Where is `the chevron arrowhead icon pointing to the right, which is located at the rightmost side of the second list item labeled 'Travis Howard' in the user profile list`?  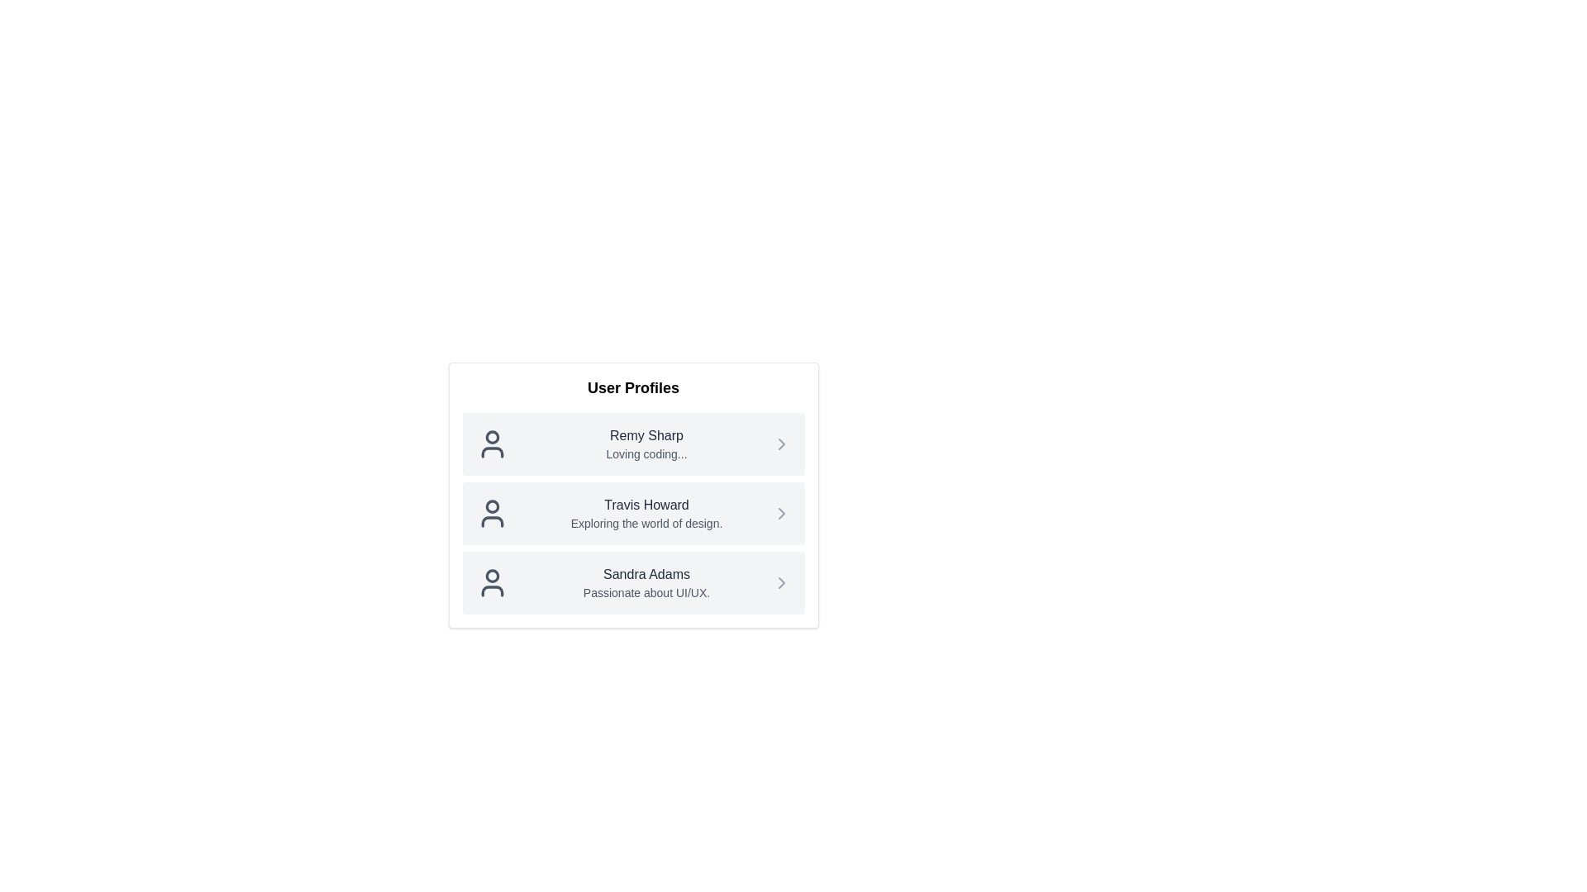
the chevron arrowhead icon pointing to the right, which is located at the rightmost side of the second list item labeled 'Travis Howard' in the user profile list is located at coordinates (780, 512).